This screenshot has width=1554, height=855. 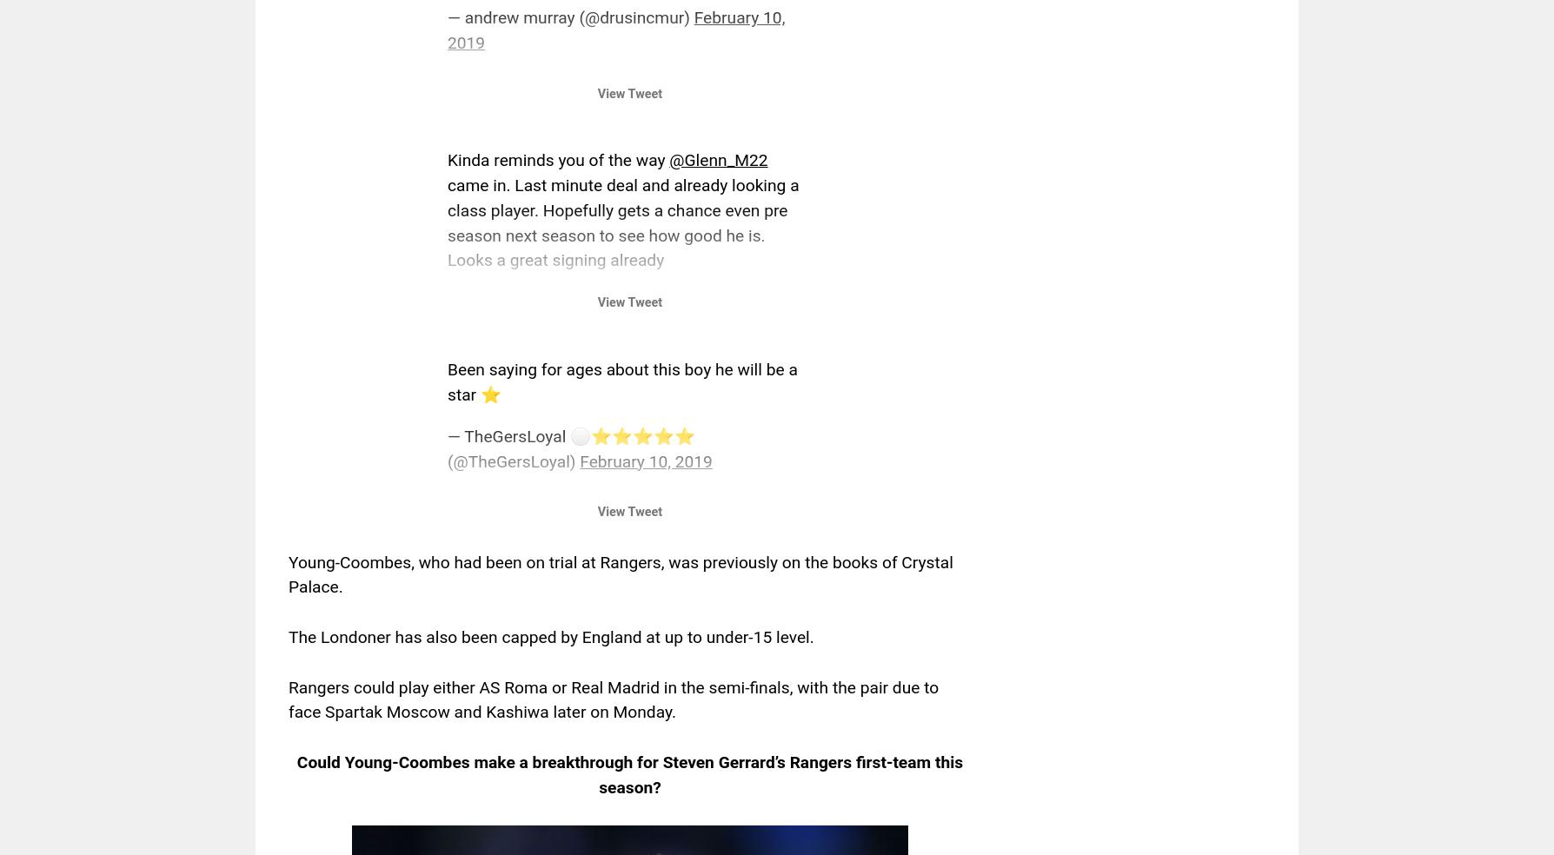 What do you see at coordinates (628, 774) in the screenshot?
I see `'Could Young-Coombes make a breakthrough for Steven Gerrard’s Rangers first-team this season?'` at bounding box center [628, 774].